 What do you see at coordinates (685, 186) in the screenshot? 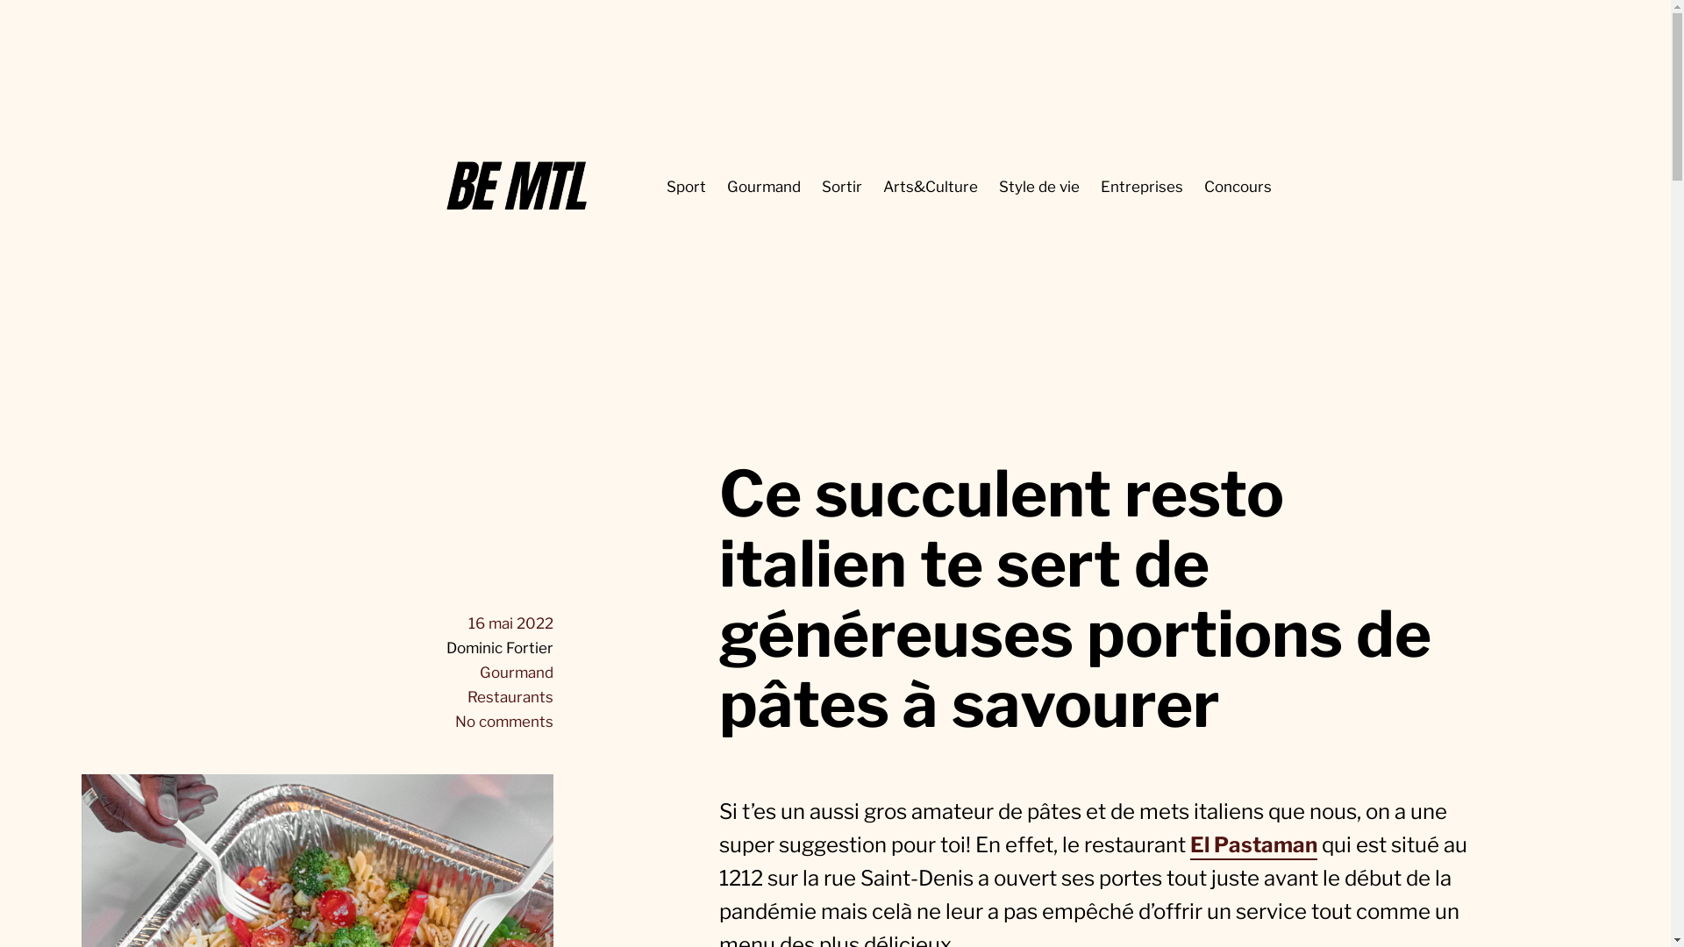
I see `'Sport'` at bounding box center [685, 186].